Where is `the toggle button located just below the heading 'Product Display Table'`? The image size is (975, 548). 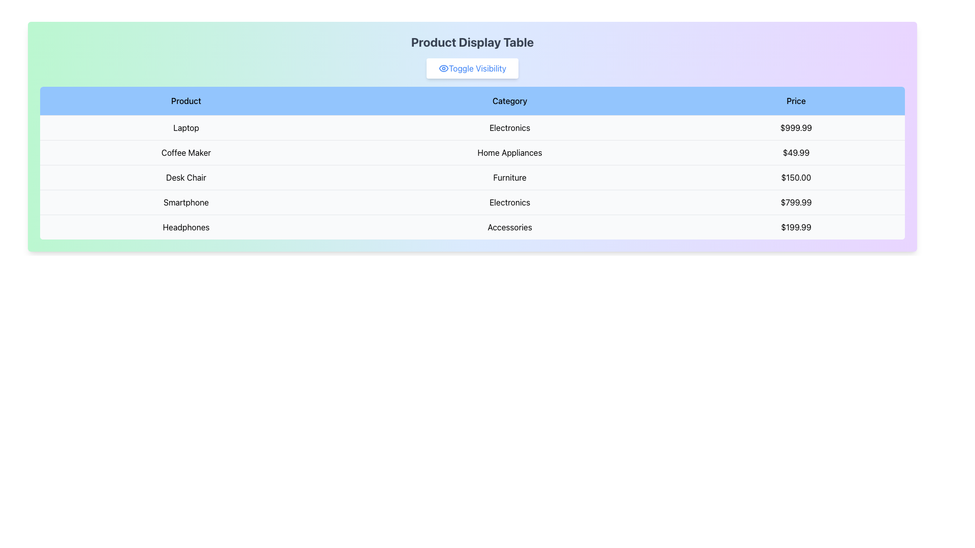
the toggle button located just below the heading 'Product Display Table' is located at coordinates (472, 68).